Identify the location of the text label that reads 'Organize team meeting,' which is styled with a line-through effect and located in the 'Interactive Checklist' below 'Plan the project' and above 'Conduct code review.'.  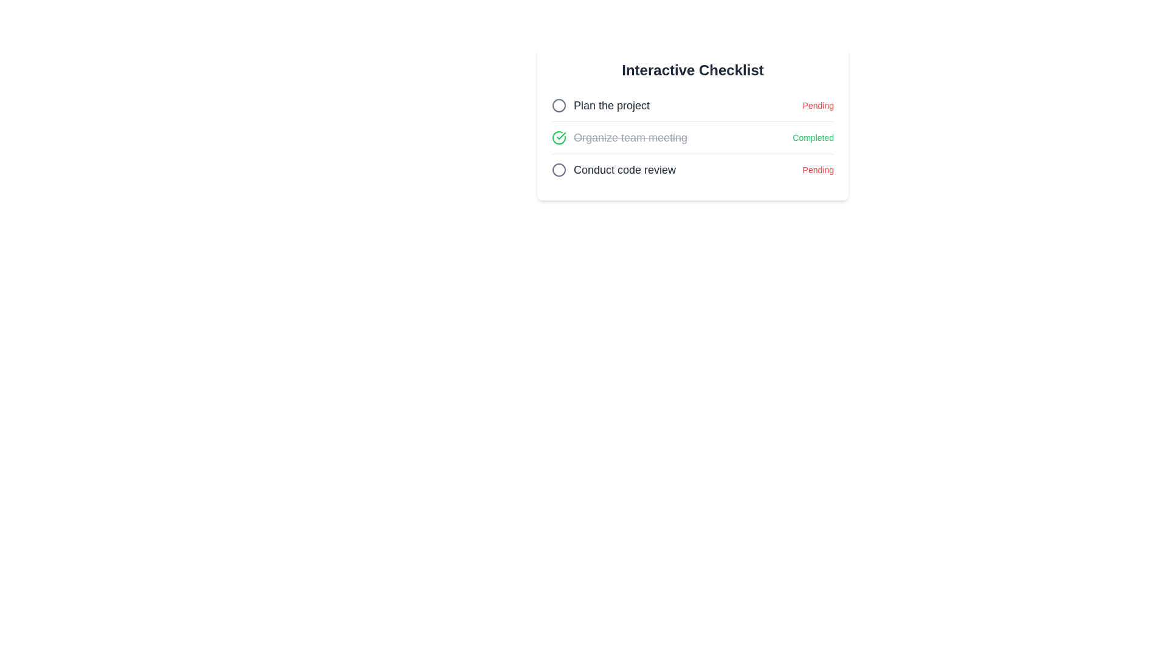
(619, 137).